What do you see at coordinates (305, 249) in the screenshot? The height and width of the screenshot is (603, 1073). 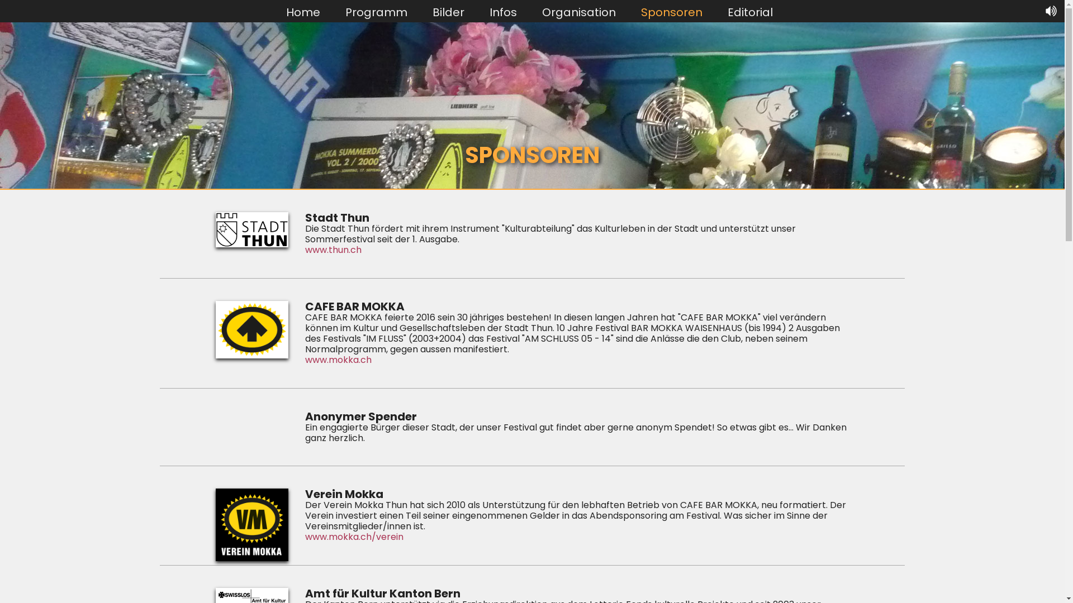 I see `'www.thun.ch'` at bounding box center [305, 249].